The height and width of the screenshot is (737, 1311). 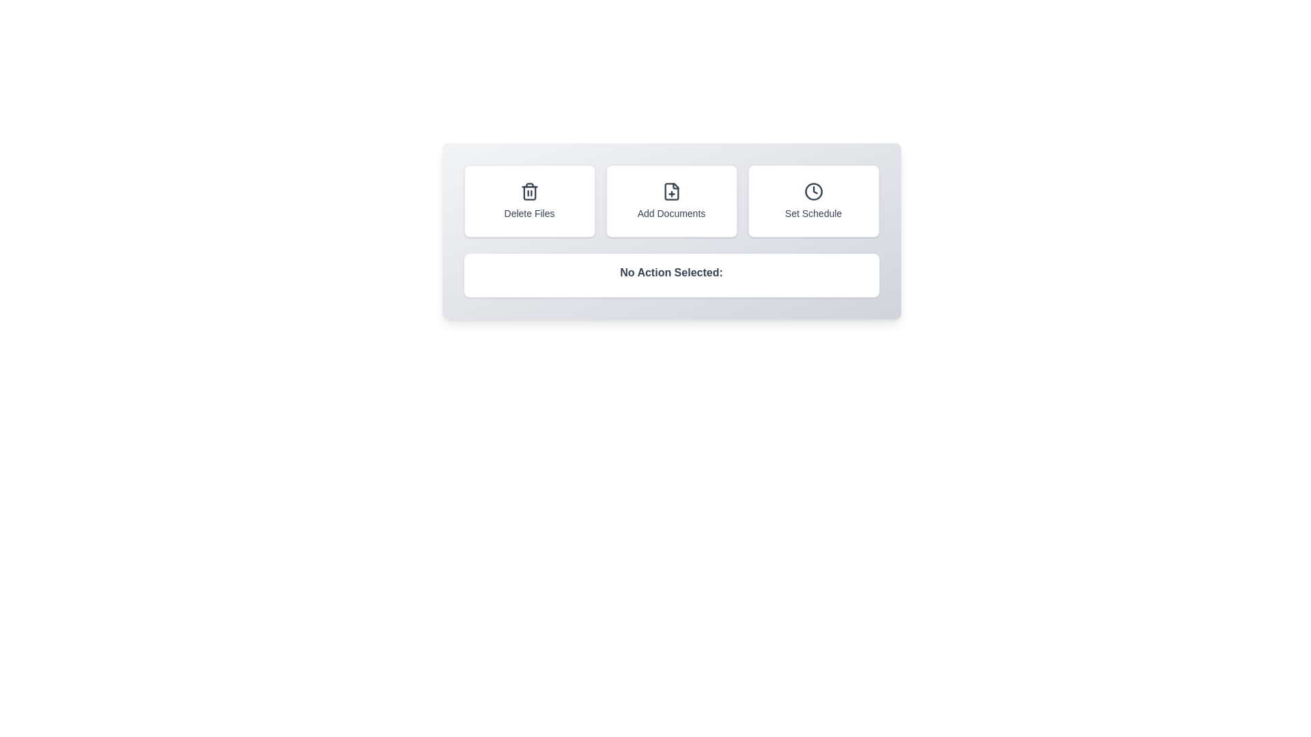 I want to click on the Text Label that indicates the functionality to add documents, located centrally between the 'Delete Files' and 'Set Schedule' buttons, so click(x=671, y=213).